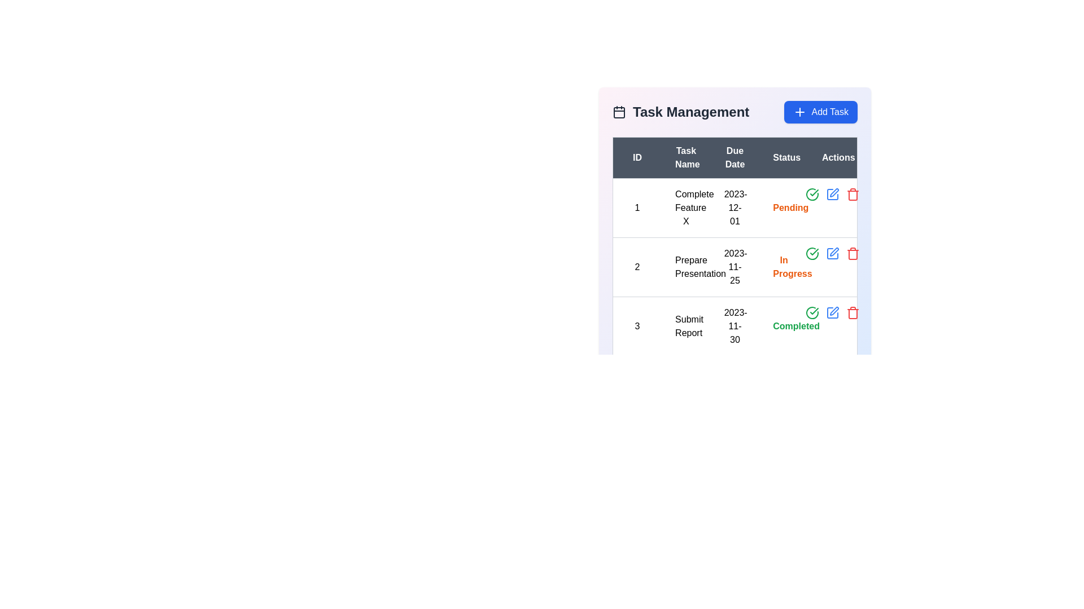 This screenshot has height=609, width=1084. What do you see at coordinates (795, 326) in the screenshot?
I see `the static text 'Completed' in the 'Status' column of the third row of the table, which indicates the completion of the task 'Submit Report'` at bounding box center [795, 326].